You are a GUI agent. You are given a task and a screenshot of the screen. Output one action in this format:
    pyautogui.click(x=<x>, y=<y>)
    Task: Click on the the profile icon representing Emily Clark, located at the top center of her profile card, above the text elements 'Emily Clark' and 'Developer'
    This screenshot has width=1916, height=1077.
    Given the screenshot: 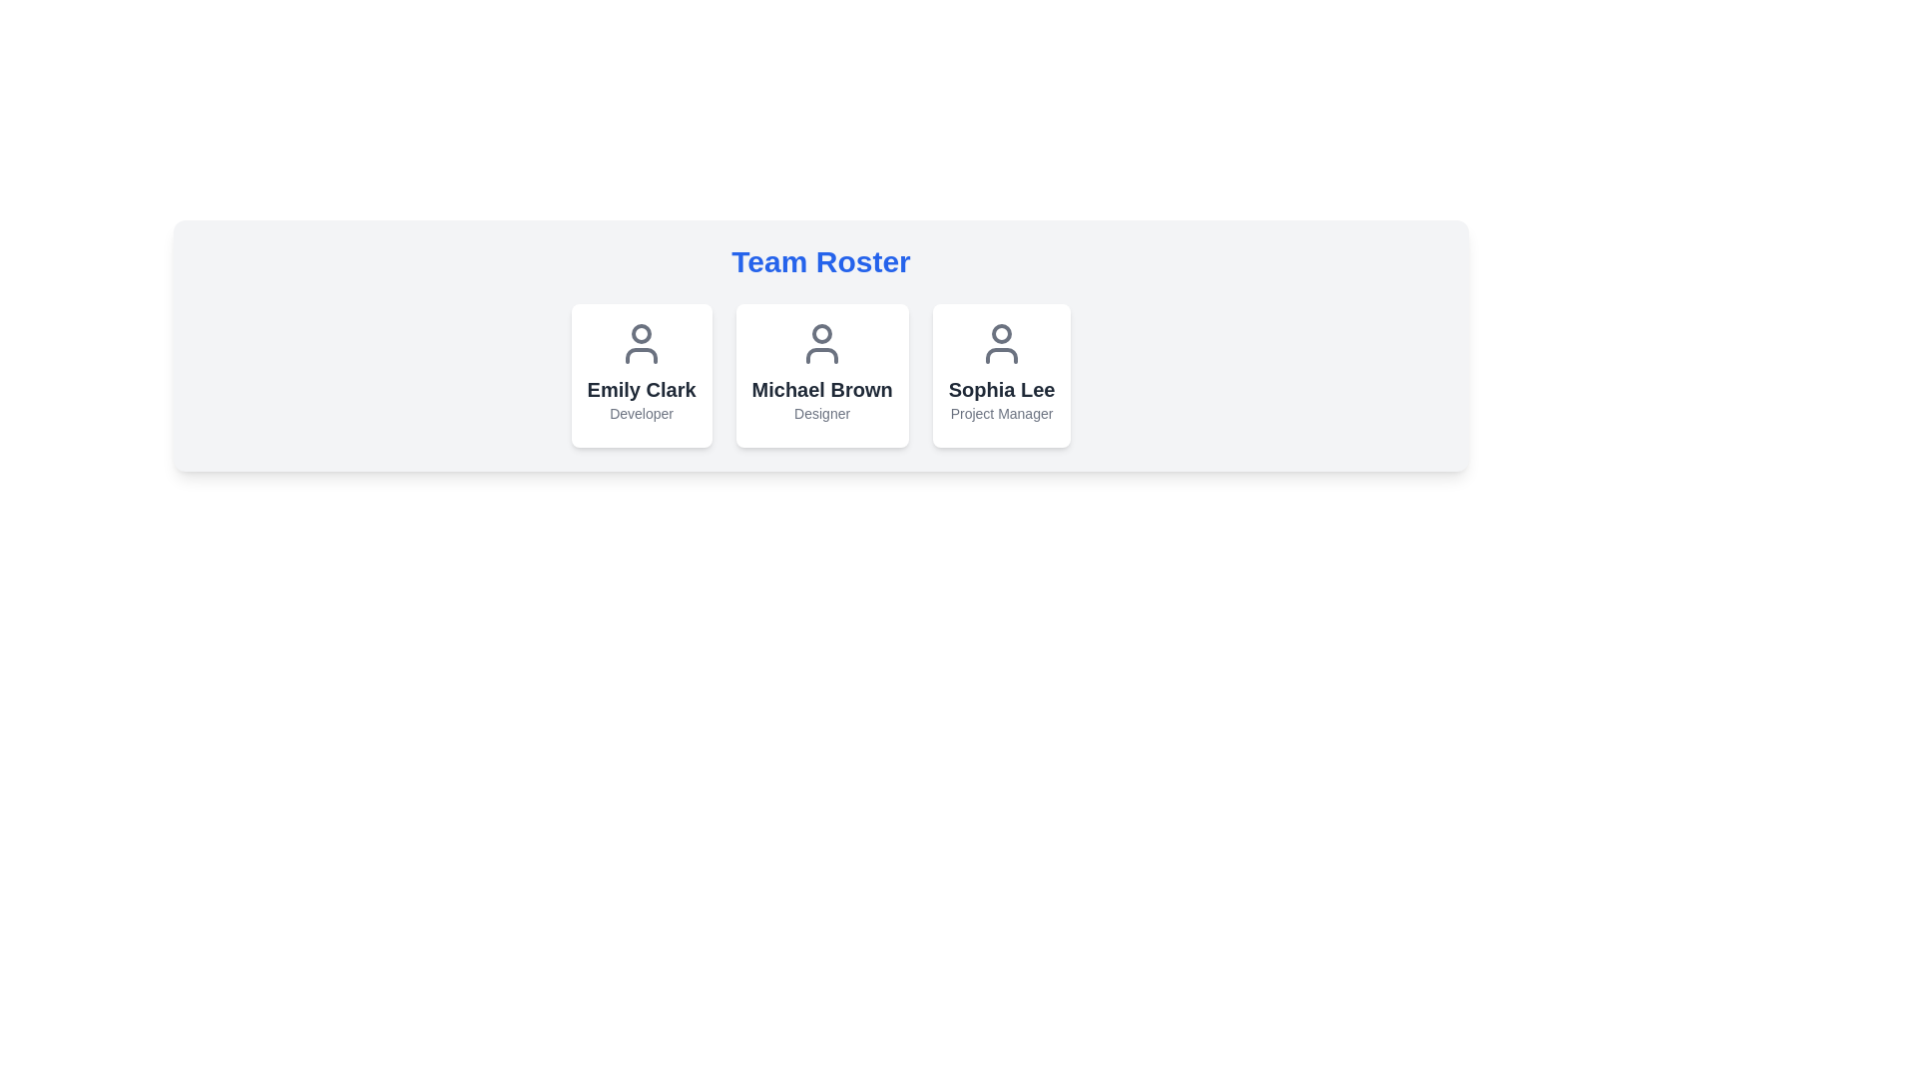 What is the action you would take?
    pyautogui.click(x=642, y=342)
    